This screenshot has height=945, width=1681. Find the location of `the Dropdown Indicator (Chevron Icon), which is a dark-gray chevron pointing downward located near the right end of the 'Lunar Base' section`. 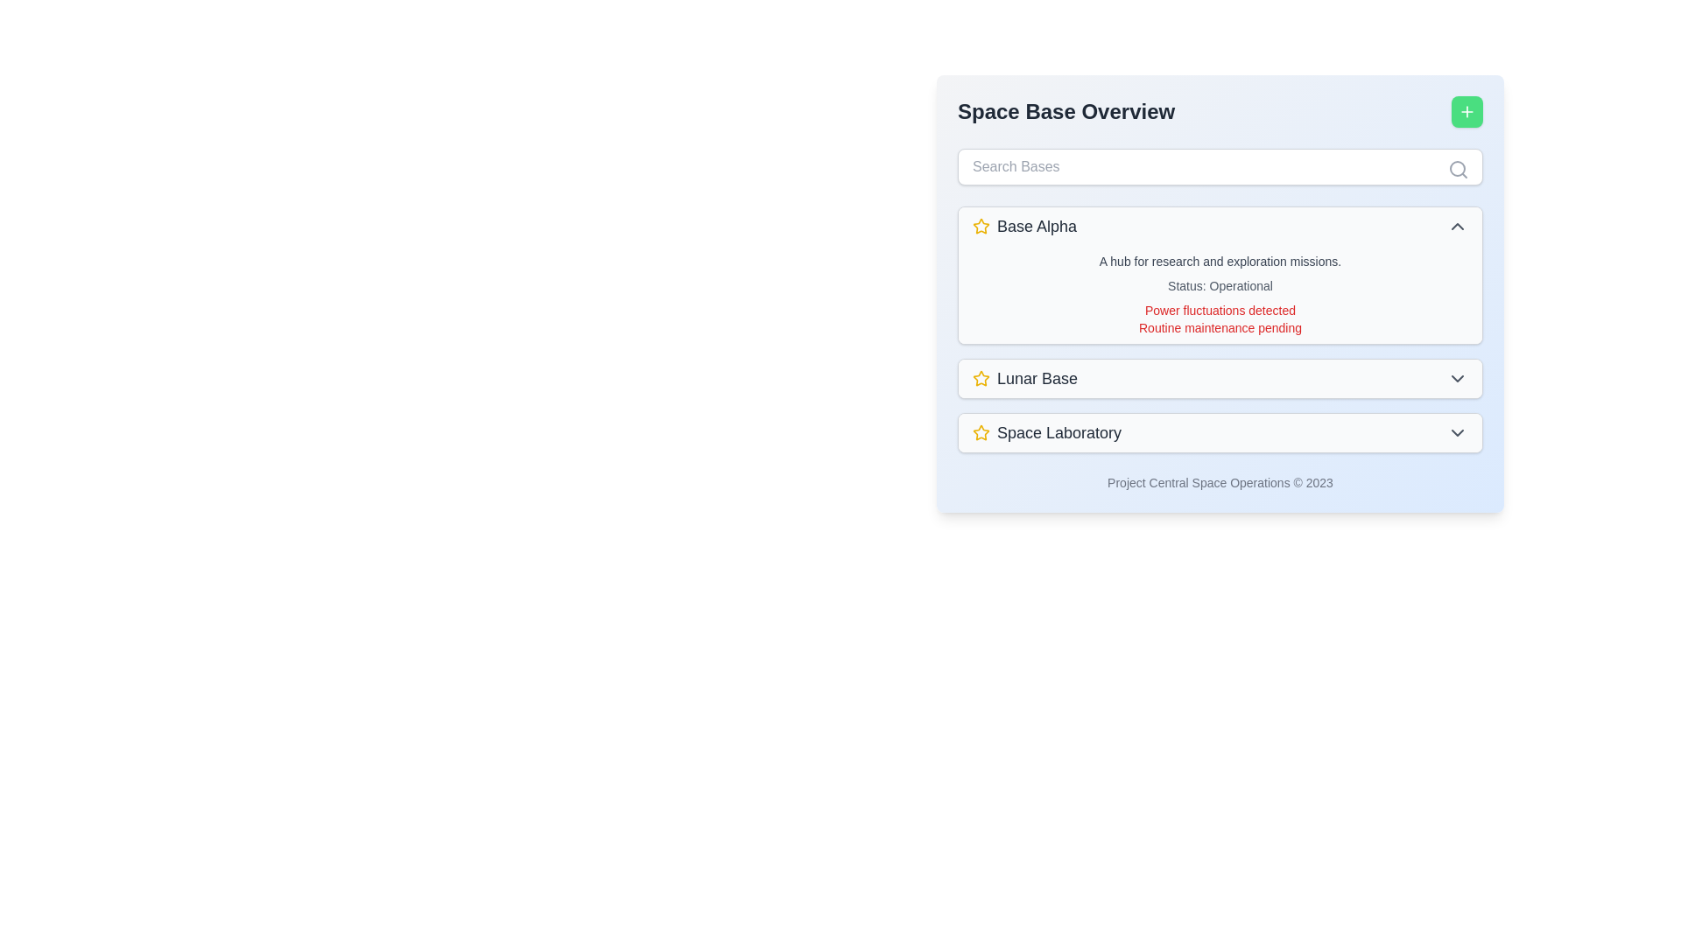

the Dropdown Indicator (Chevron Icon), which is a dark-gray chevron pointing downward located near the right end of the 'Lunar Base' section is located at coordinates (1458, 377).